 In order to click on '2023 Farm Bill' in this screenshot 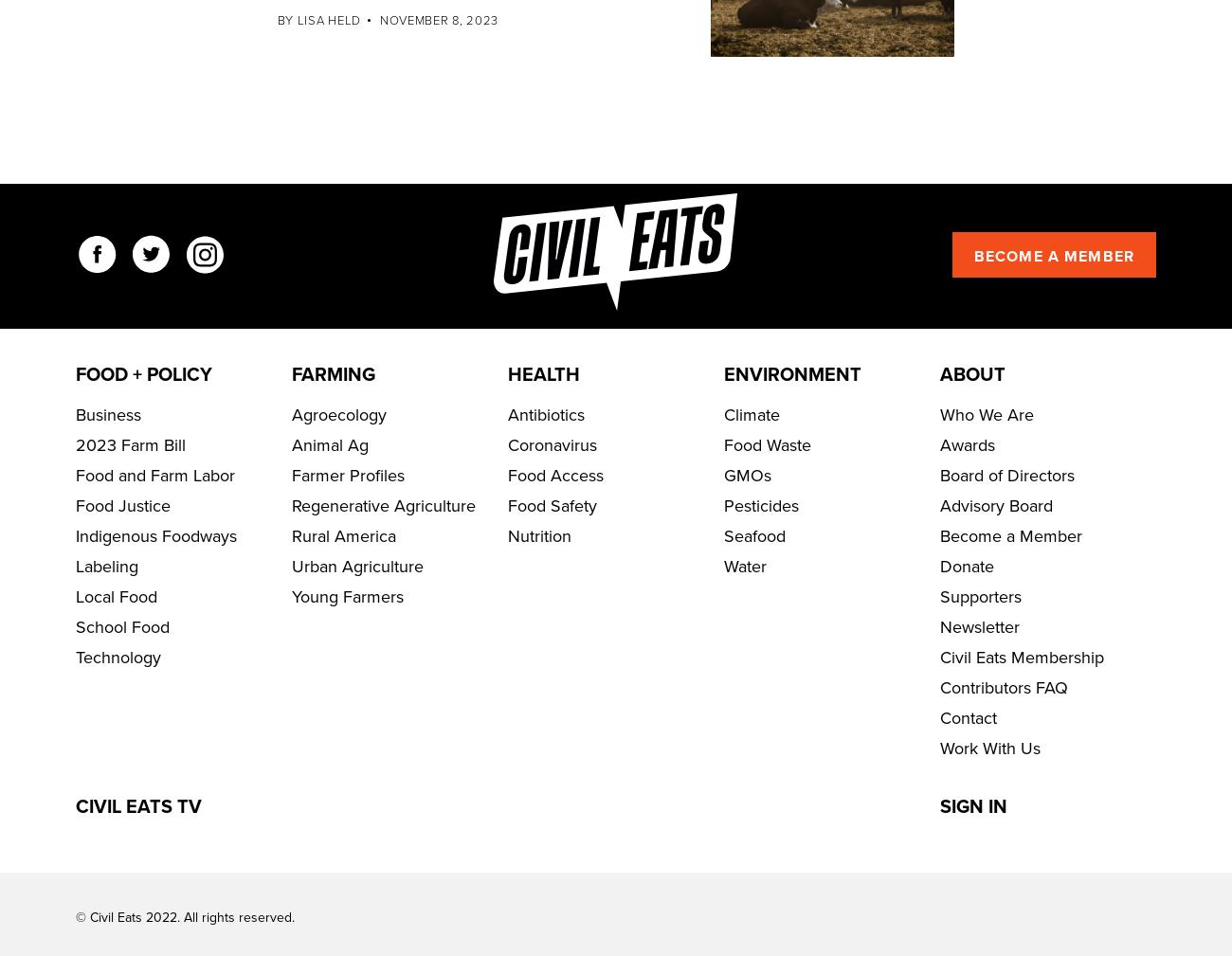, I will do `click(130, 502)`.